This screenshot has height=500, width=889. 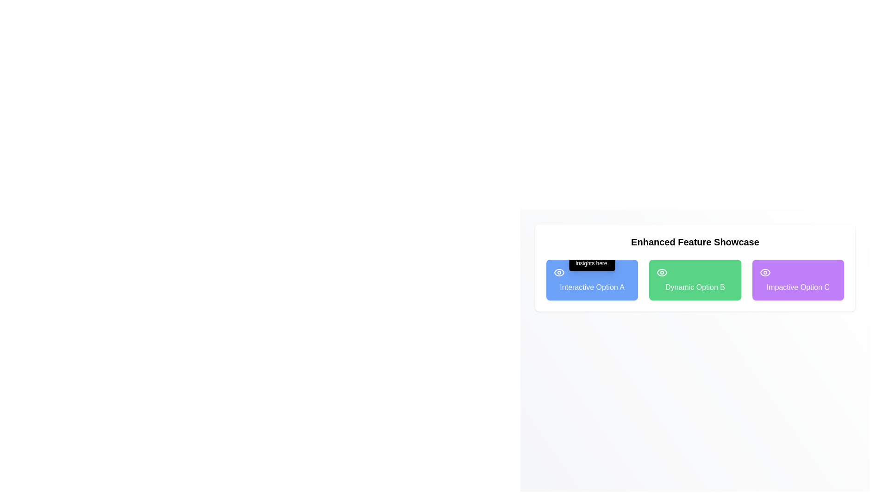 What do you see at coordinates (662, 272) in the screenshot?
I see `the green square button with an eye icon located in the 'Dynamic Option B' section` at bounding box center [662, 272].